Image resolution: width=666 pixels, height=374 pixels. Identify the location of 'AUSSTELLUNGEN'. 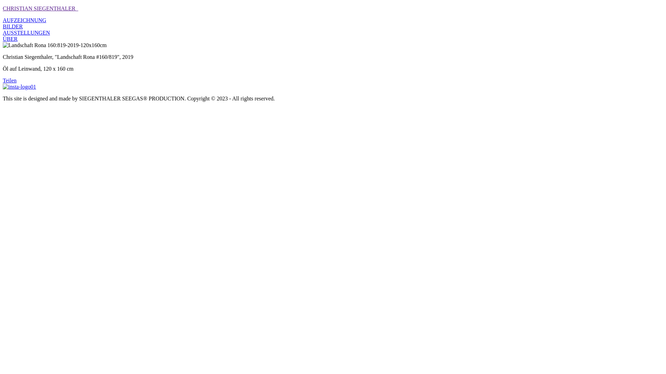
(3, 33).